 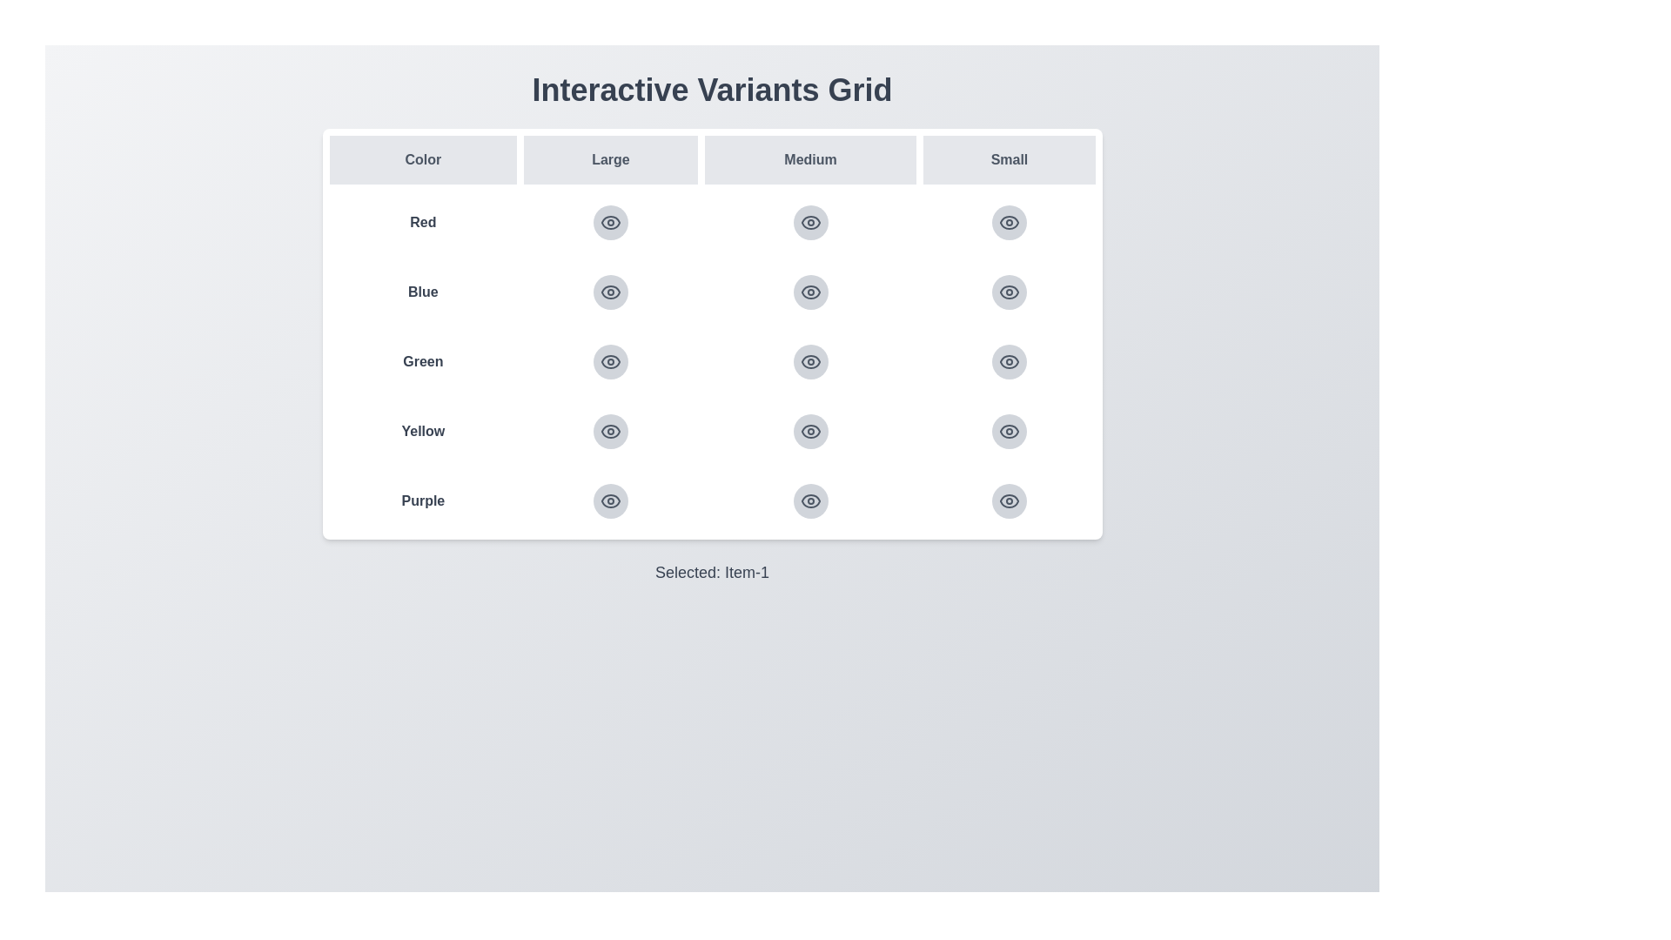 I want to click on the circular icon representing a view or visibility action located in the 'Interactive Variants Grid' table under the 'Blue' row and 'Small' column, so click(x=1010, y=291).